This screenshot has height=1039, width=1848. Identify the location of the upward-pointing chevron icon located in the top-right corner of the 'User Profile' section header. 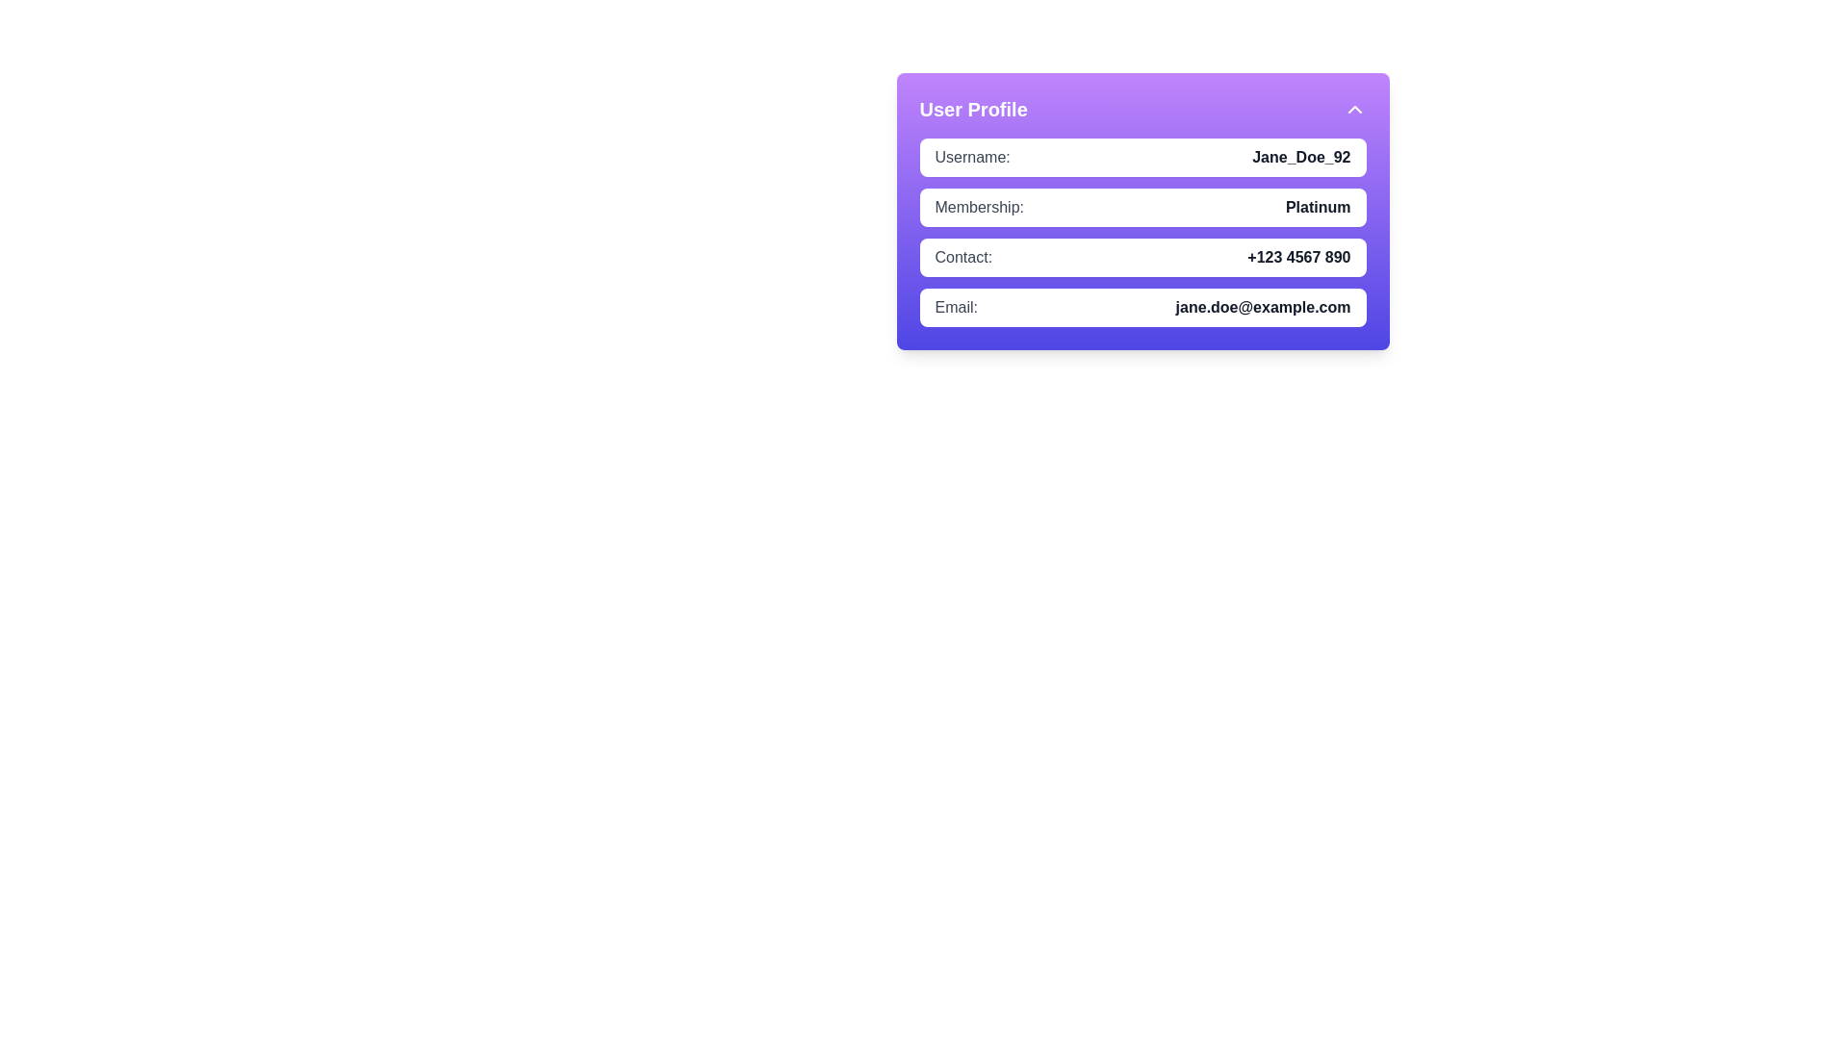
(1353, 110).